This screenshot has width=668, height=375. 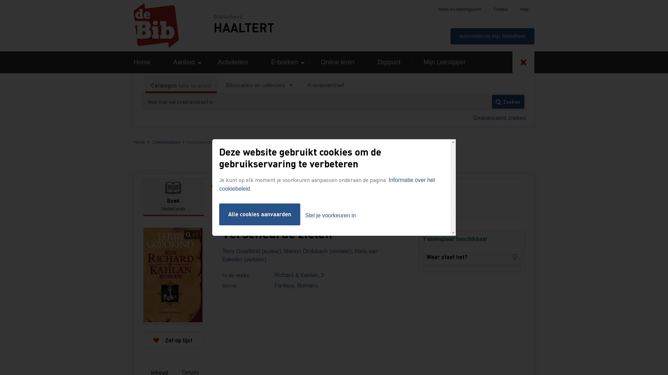 What do you see at coordinates (327, 184) in the screenshot?
I see `'Informatie over het cookiebeleid'` at bounding box center [327, 184].